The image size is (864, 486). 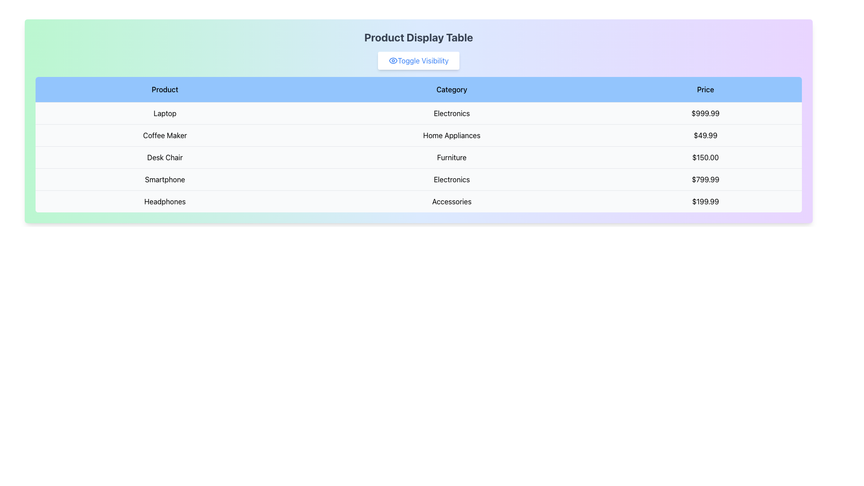 What do you see at coordinates (705, 179) in the screenshot?
I see `the Text label displaying the price '$799.99' which is bold, large, and aligned to the right in the fourth row of the table` at bounding box center [705, 179].